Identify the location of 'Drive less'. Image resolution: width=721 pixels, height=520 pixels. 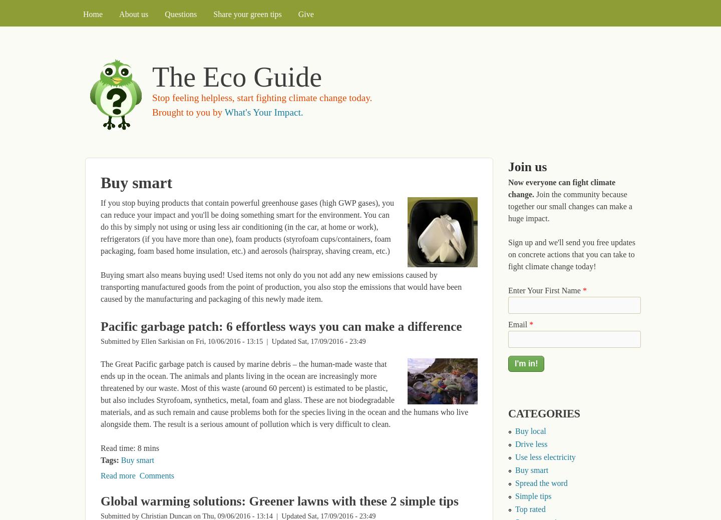
(531, 443).